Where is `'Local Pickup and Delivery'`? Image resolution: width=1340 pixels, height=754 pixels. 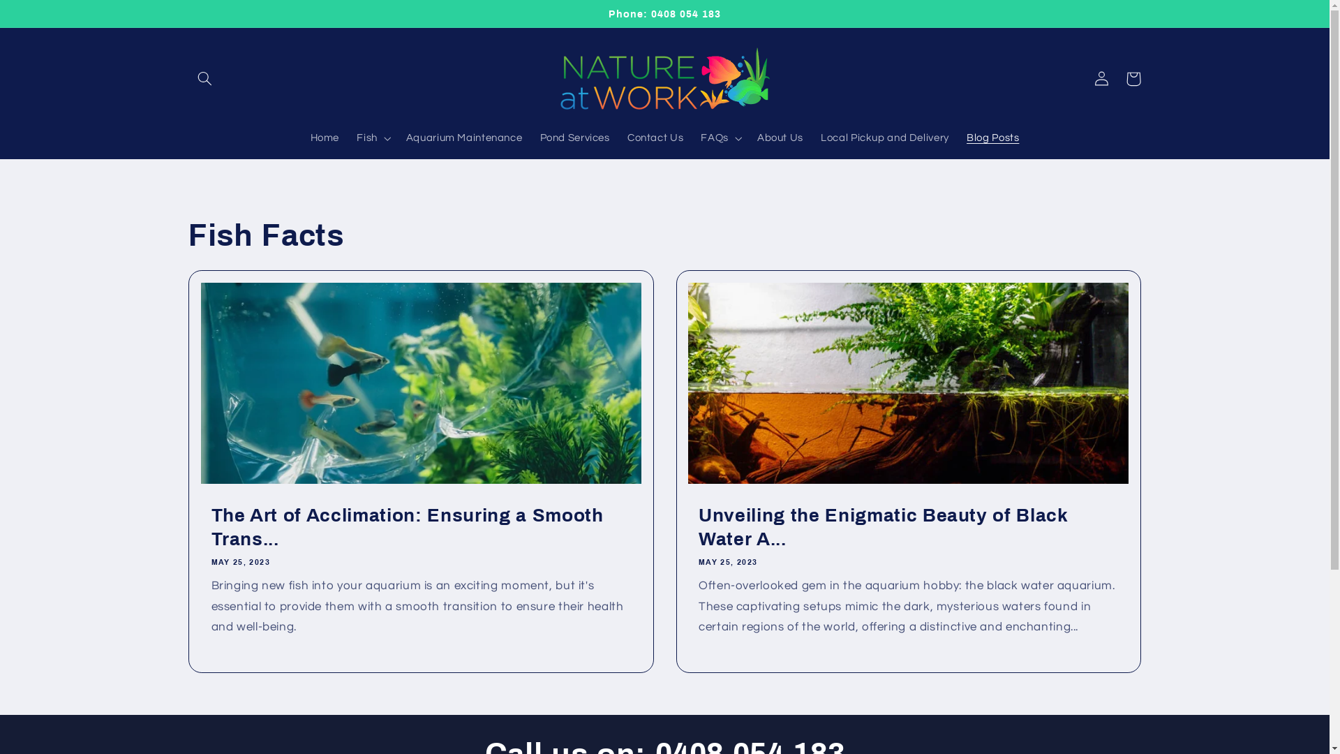 'Local Pickup and Delivery' is located at coordinates (812, 138).